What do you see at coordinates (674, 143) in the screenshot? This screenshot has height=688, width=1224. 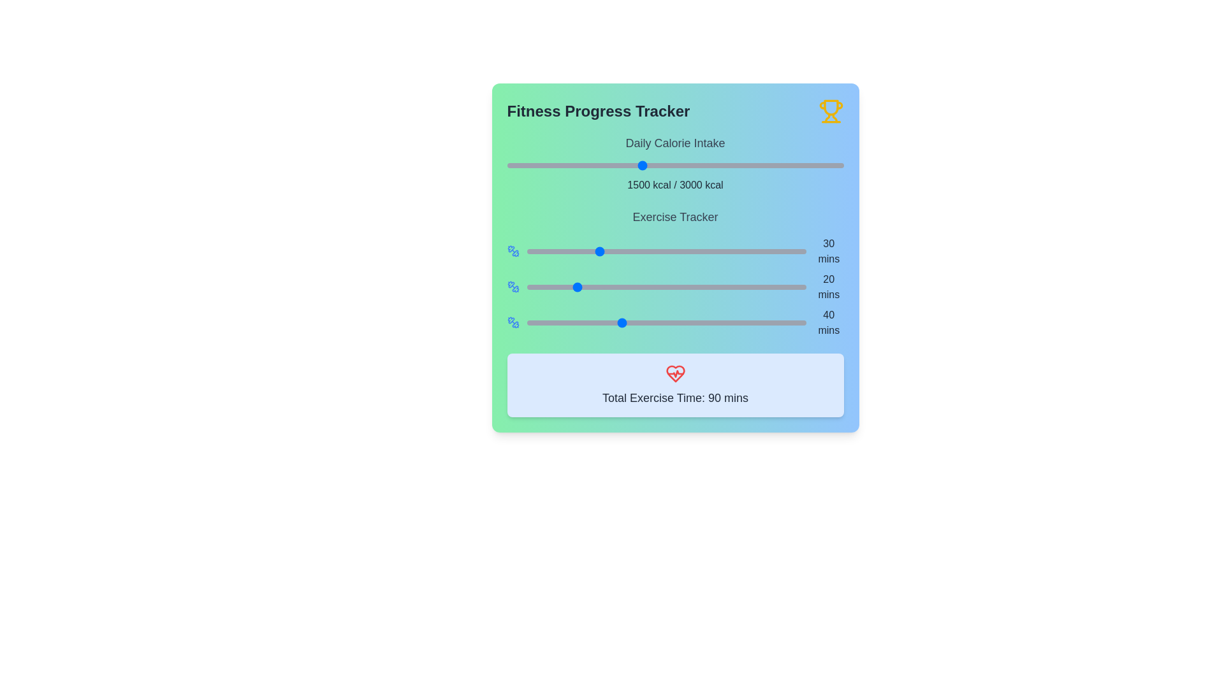 I see `the 'Daily Calorie Intake' text label which serves as the title for the progress bar and calorie range information` at bounding box center [674, 143].